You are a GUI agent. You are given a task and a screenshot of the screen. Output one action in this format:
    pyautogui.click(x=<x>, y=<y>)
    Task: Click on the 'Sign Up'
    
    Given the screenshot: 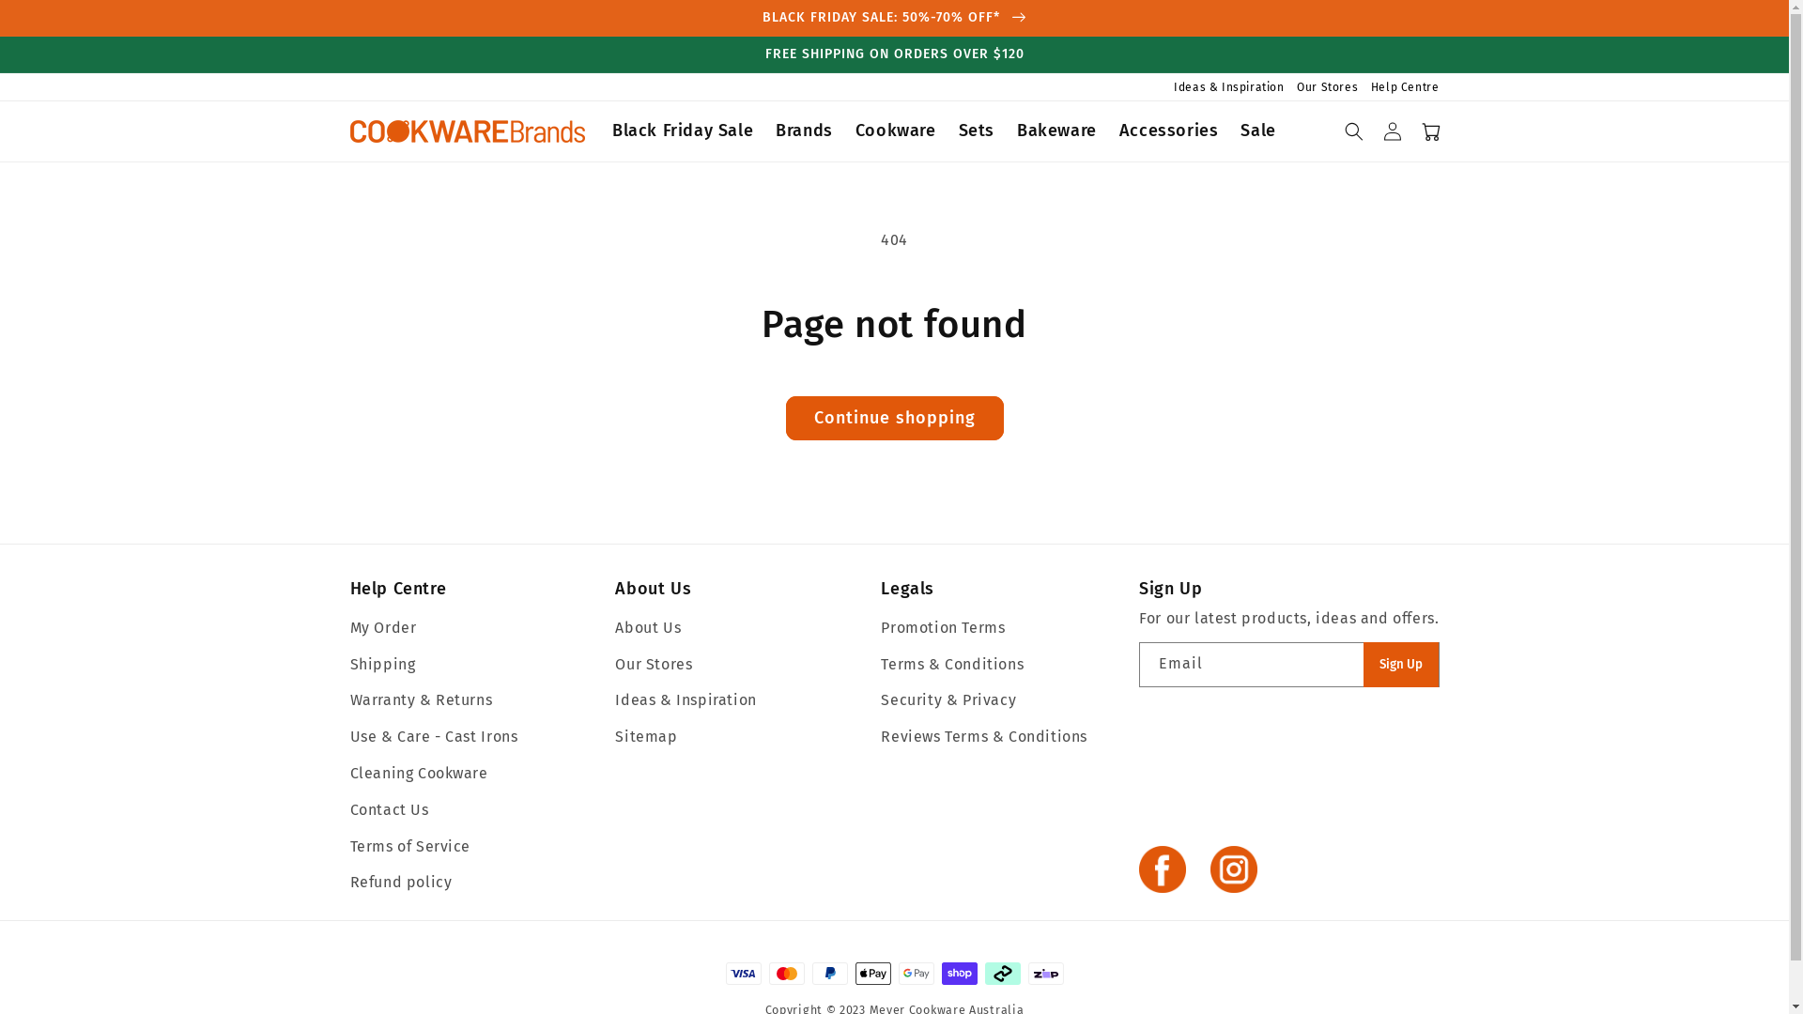 What is the action you would take?
    pyautogui.click(x=1401, y=664)
    